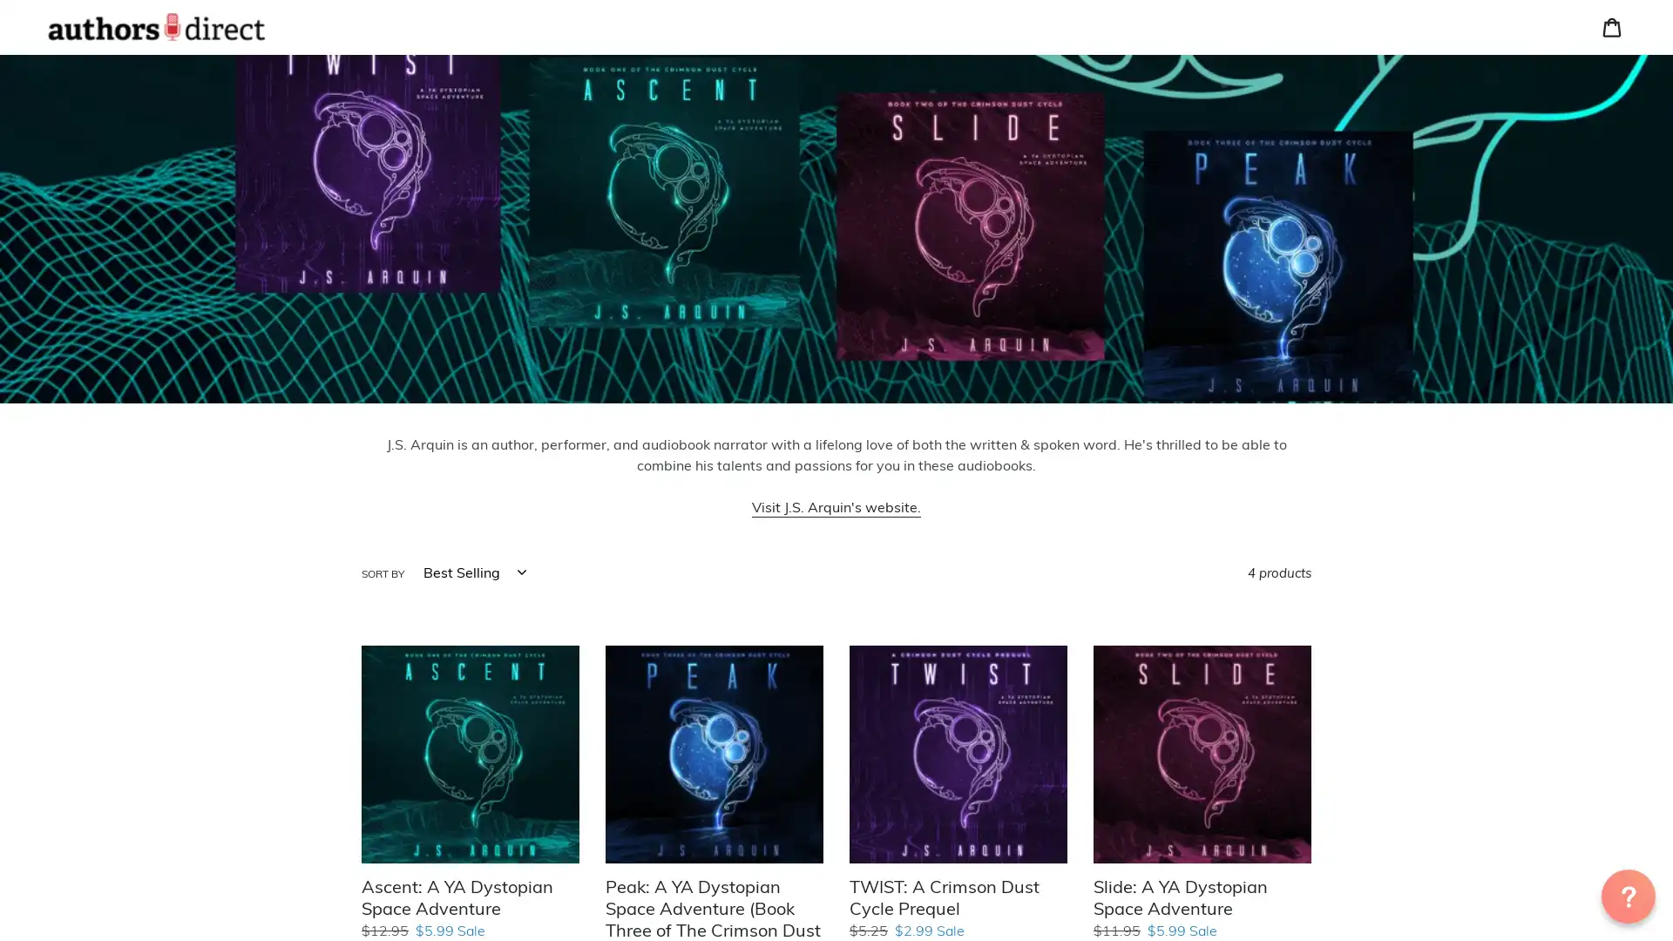  What do you see at coordinates (1425, 139) in the screenshot?
I see `Preferences` at bounding box center [1425, 139].